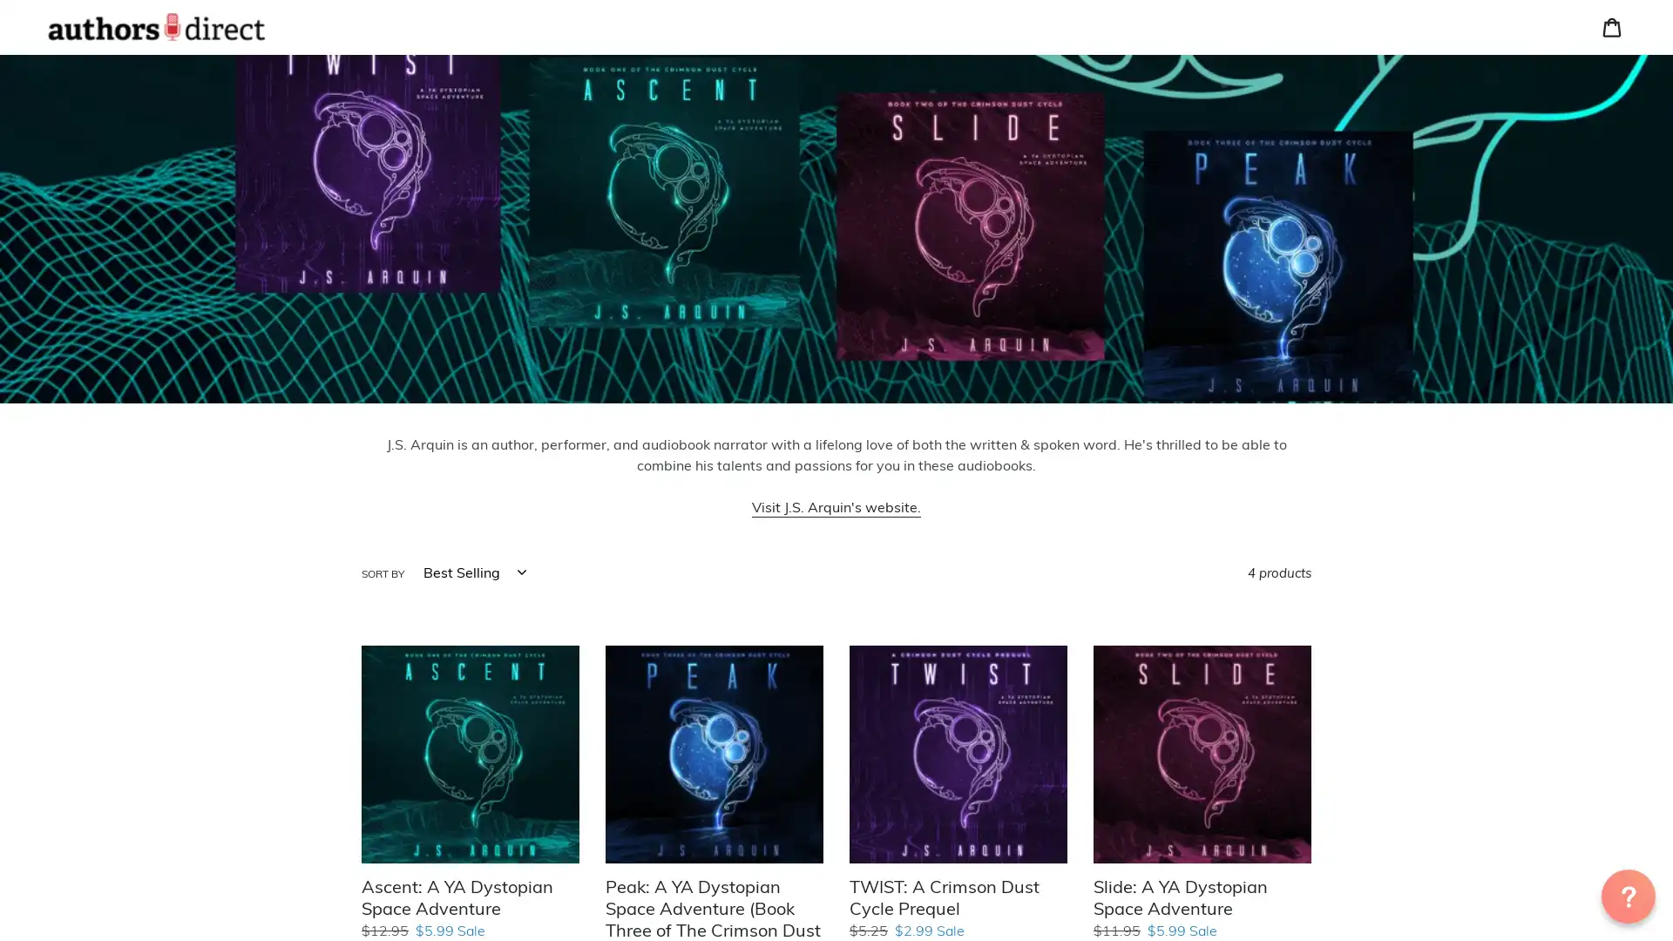  What do you see at coordinates (1425, 139) in the screenshot?
I see `Preferences` at bounding box center [1425, 139].